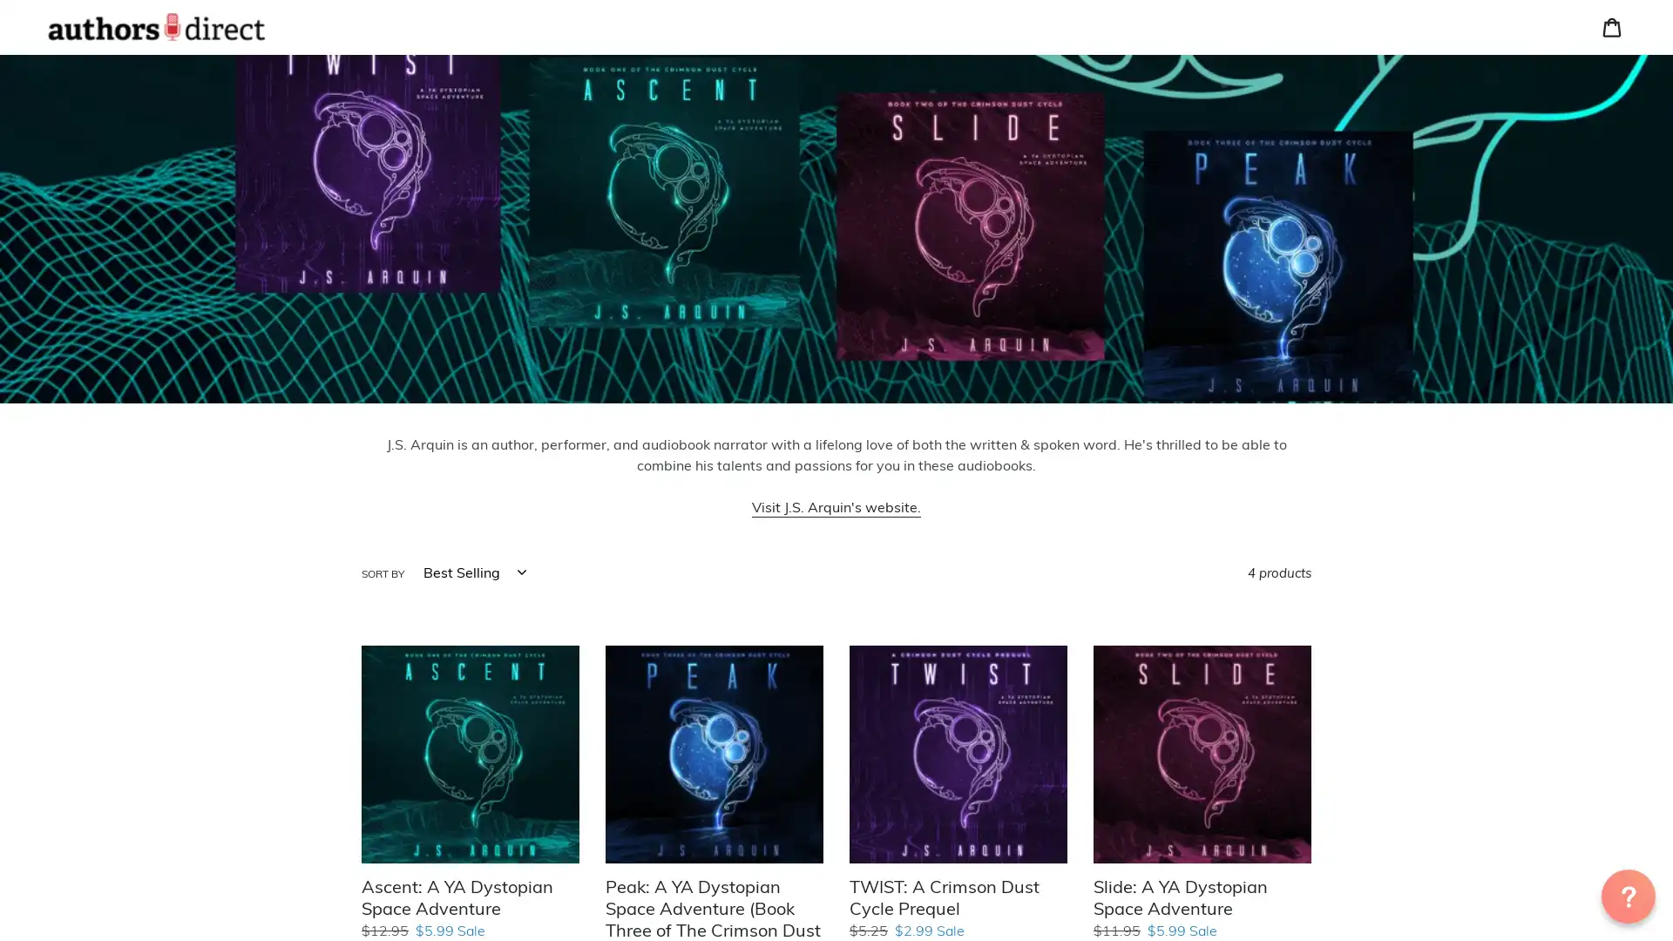  What do you see at coordinates (1425, 139) in the screenshot?
I see `Preferences` at bounding box center [1425, 139].